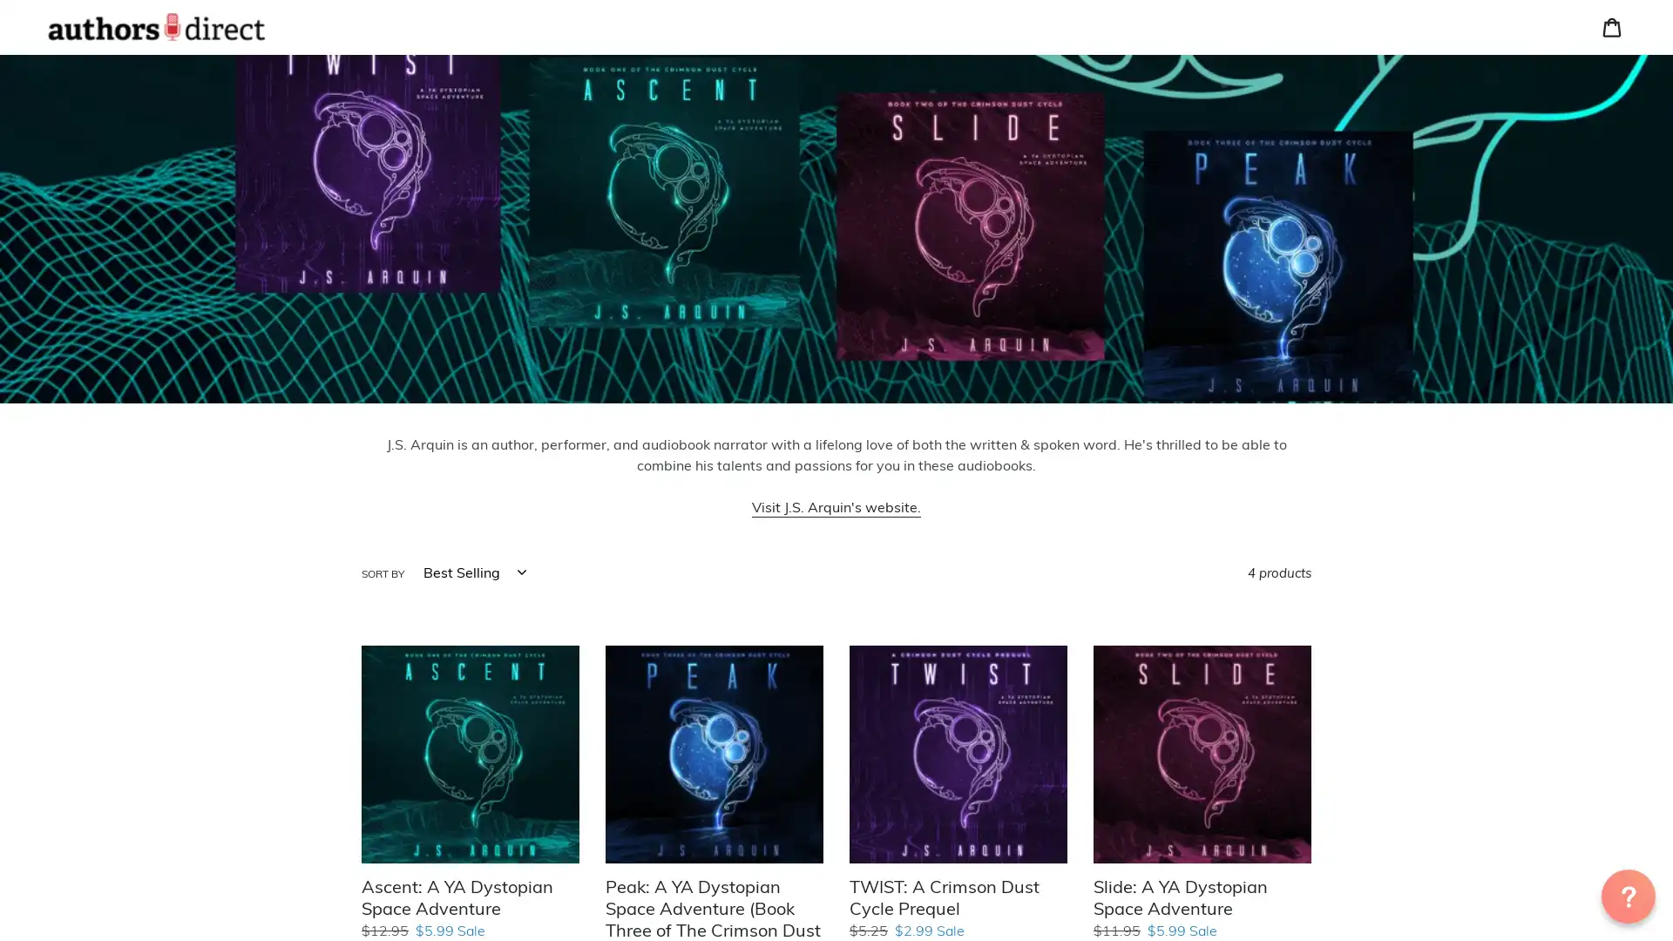  What do you see at coordinates (1425, 139) in the screenshot?
I see `Preferences` at bounding box center [1425, 139].